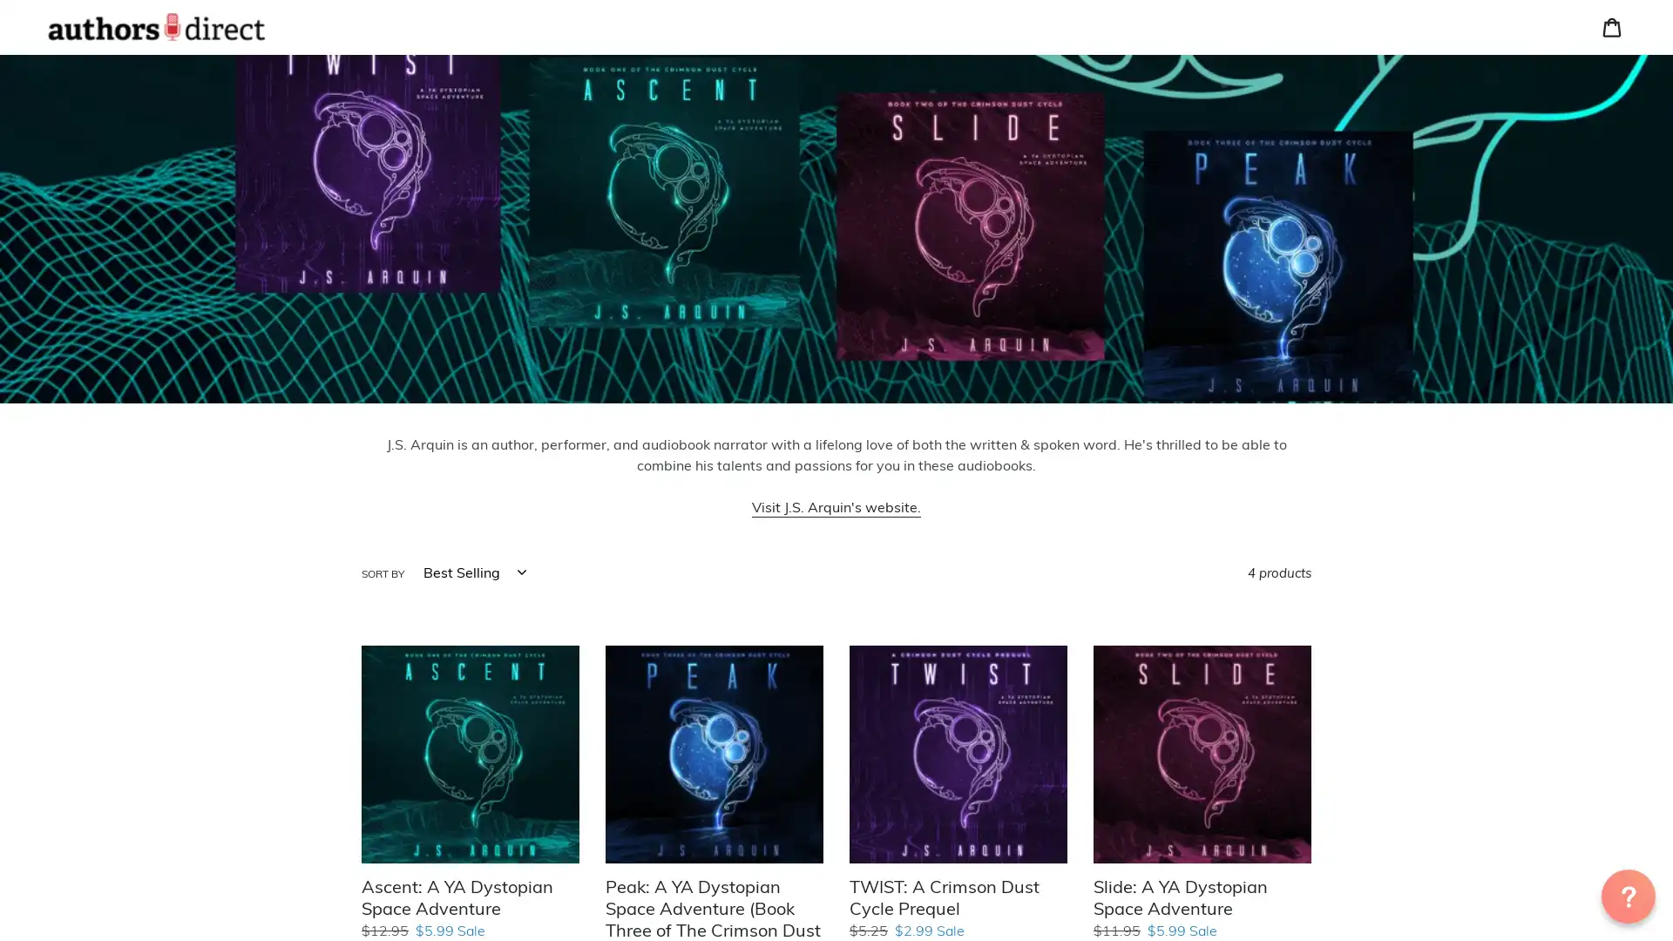  What do you see at coordinates (1425, 139) in the screenshot?
I see `Preferences` at bounding box center [1425, 139].